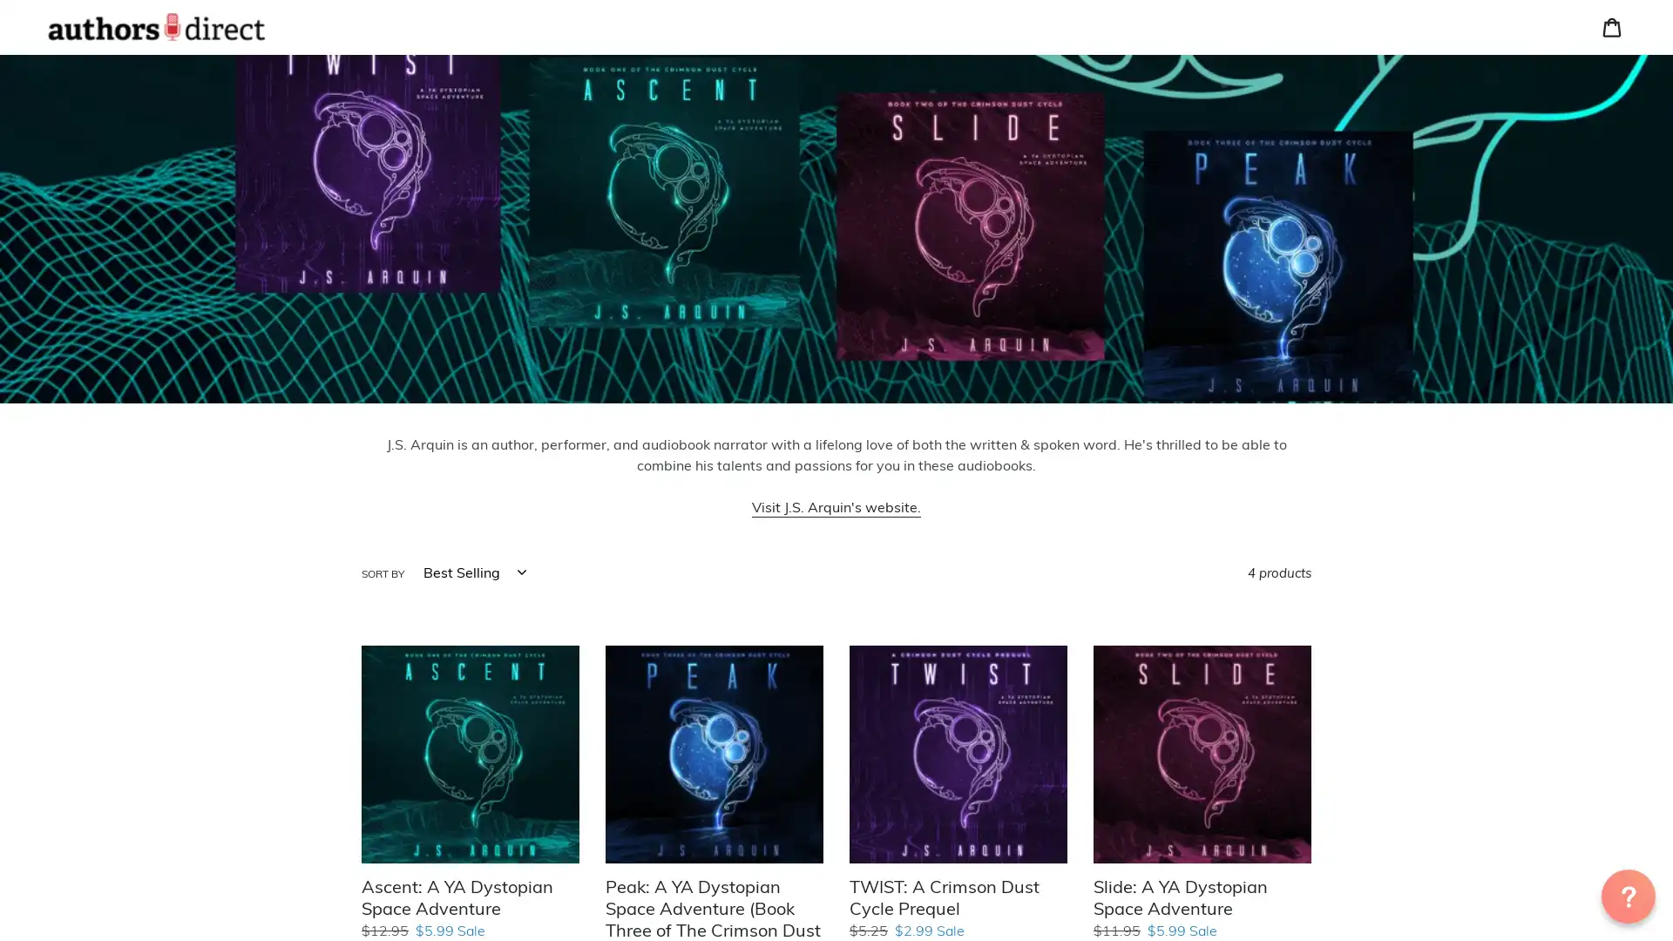  What do you see at coordinates (1425, 139) in the screenshot?
I see `Preferences` at bounding box center [1425, 139].